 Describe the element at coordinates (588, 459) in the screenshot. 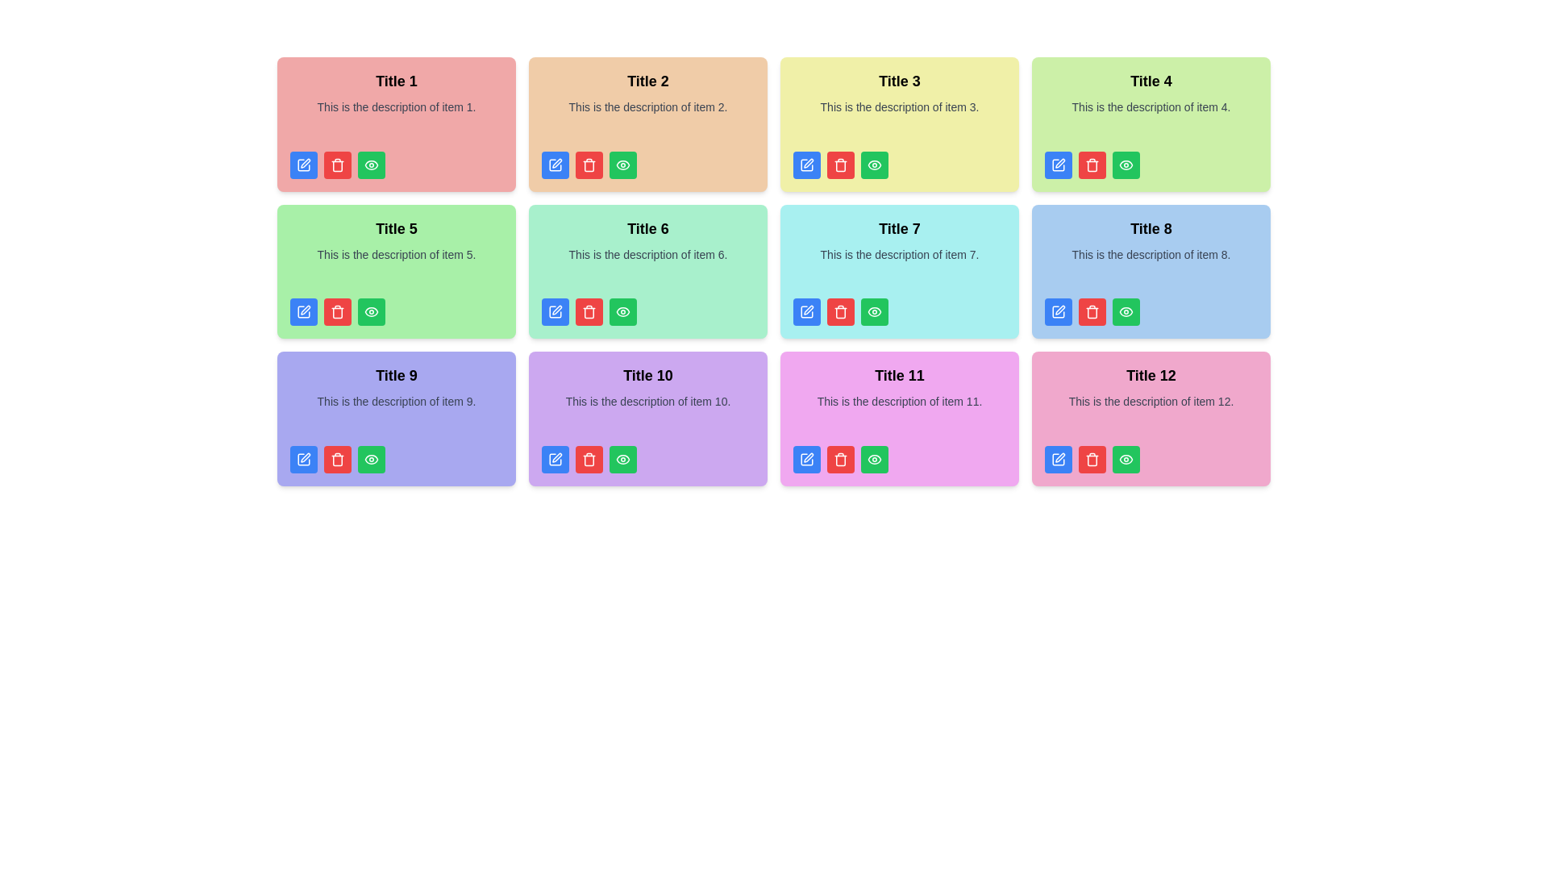

I see `the small, square-shaped red button with a white trash icon located within the second cell of a three-cell group below 'Title 10'` at that location.